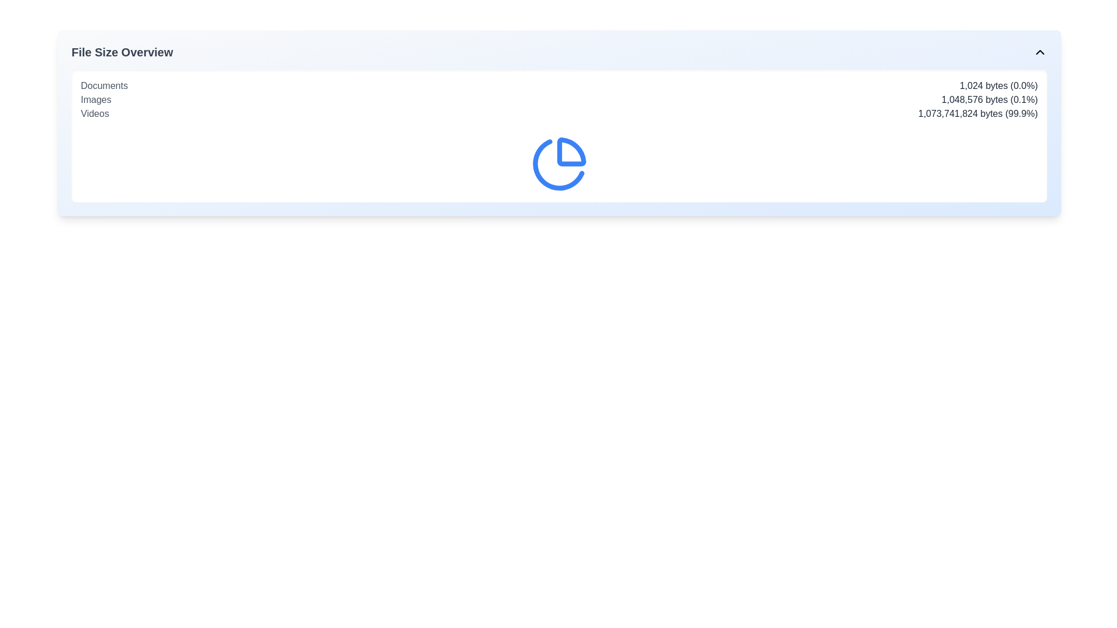 The image size is (1117, 628). What do you see at coordinates (1040, 51) in the screenshot?
I see `the chevron icon on the far right of the 'File Size Overview' header` at bounding box center [1040, 51].